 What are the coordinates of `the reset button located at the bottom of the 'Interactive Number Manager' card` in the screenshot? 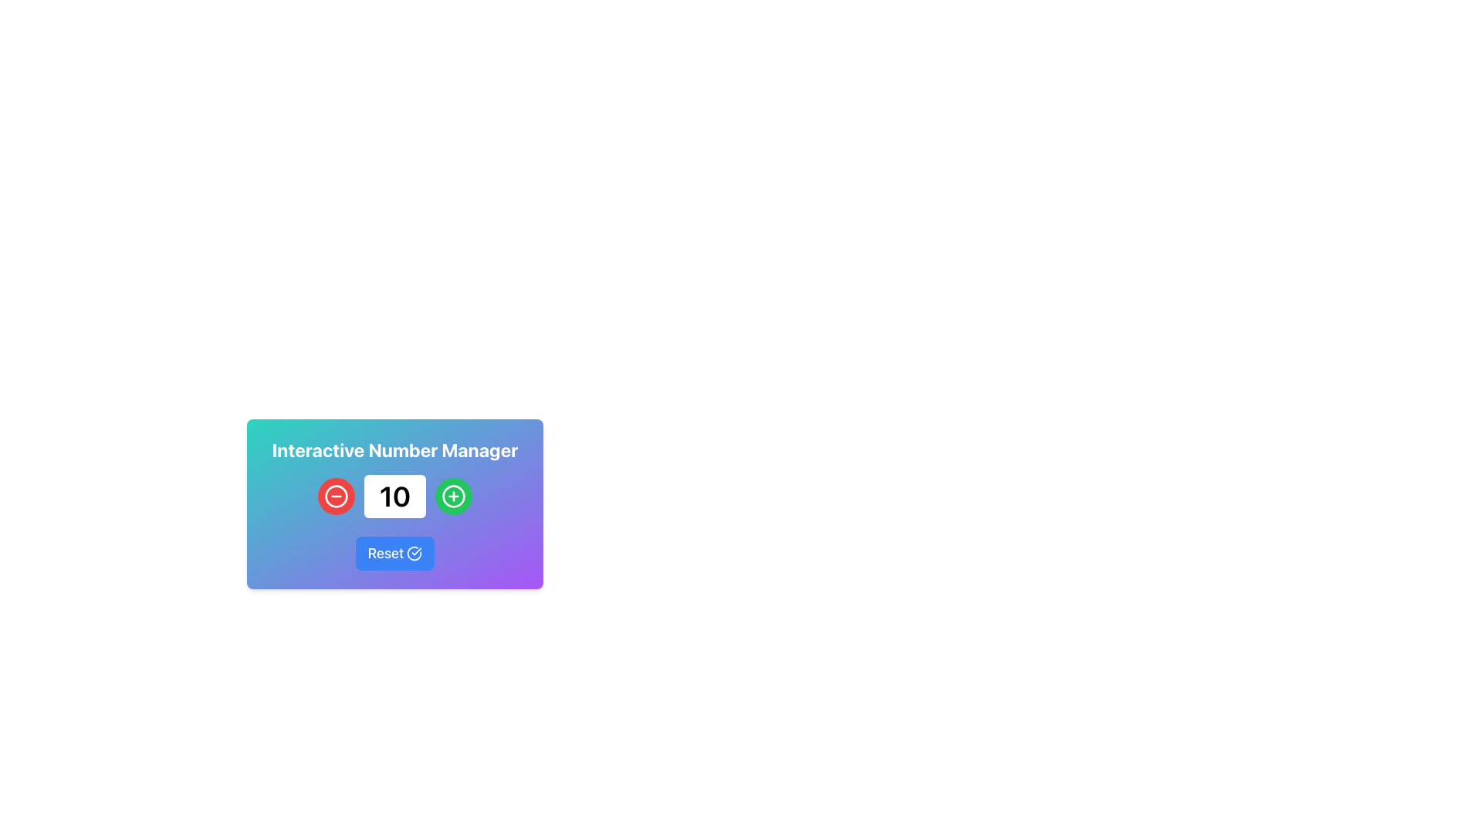 It's located at (395, 553).